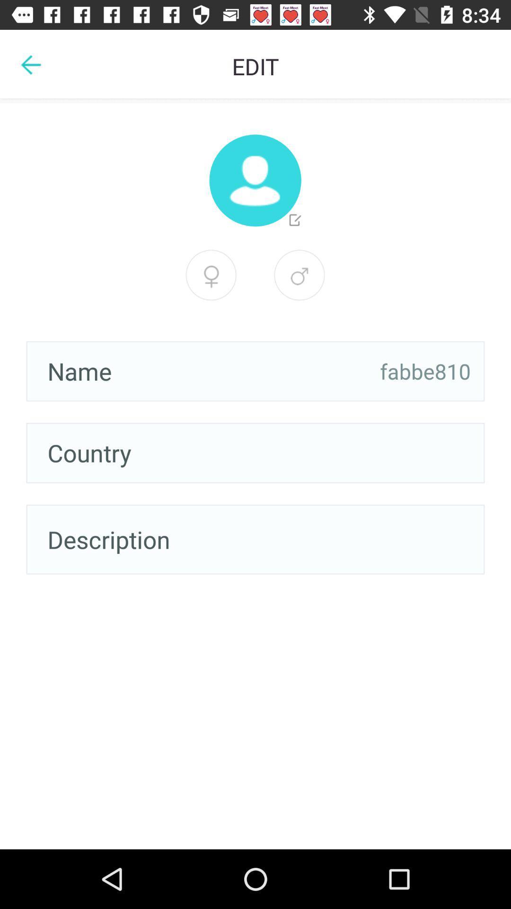 The width and height of the screenshot is (511, 909). Describe the element at coordinates (211, 275) in the screenshot. I see `male option` at that location.